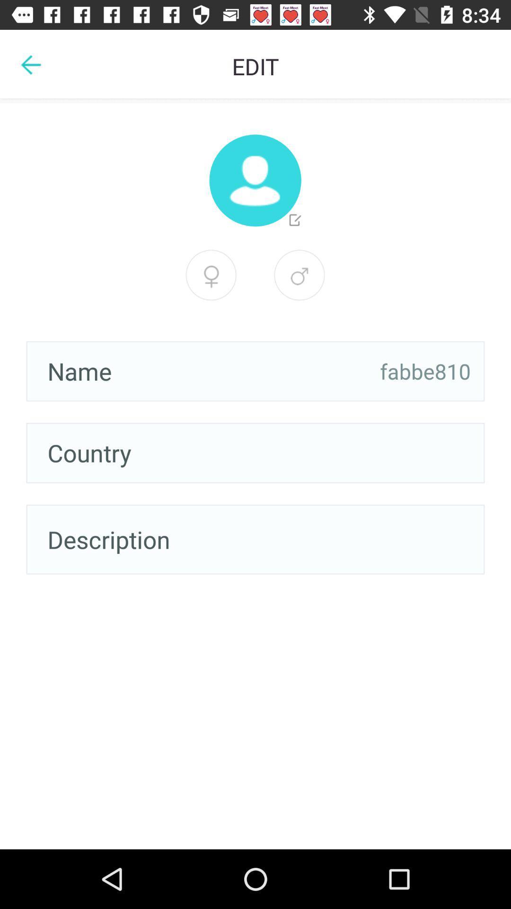 The width and height of the screenshot is (511, 909). Describe the element at coordinates (211, 275) in the screenshot. I see `male option` at that location.